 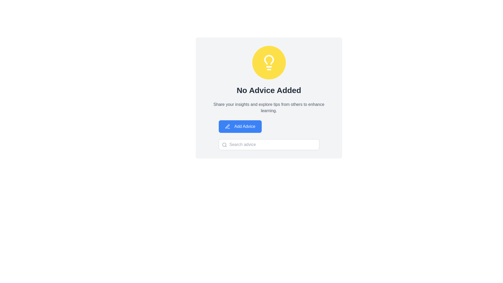 What do you see at coordinates (269, 62) in the screenshot?
I see `the lightbulb icon button, which serves as a decorative element representing ideas or advice, located above the 'No Advice Added' text` at bounding box center [269, 62].